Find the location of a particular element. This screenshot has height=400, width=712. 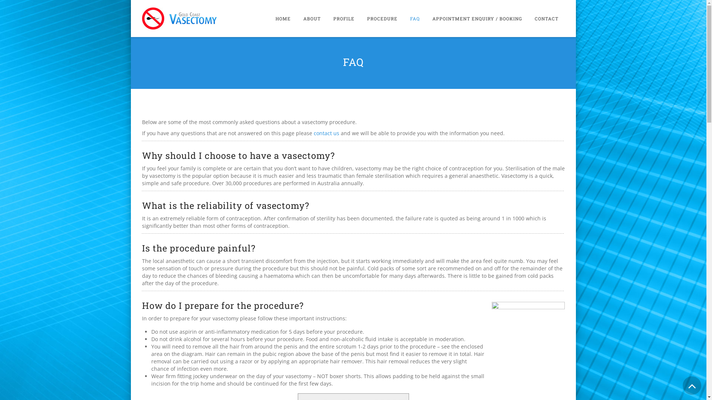

'Gold Coast Vasectomy' is located at coordinates (179, 18).